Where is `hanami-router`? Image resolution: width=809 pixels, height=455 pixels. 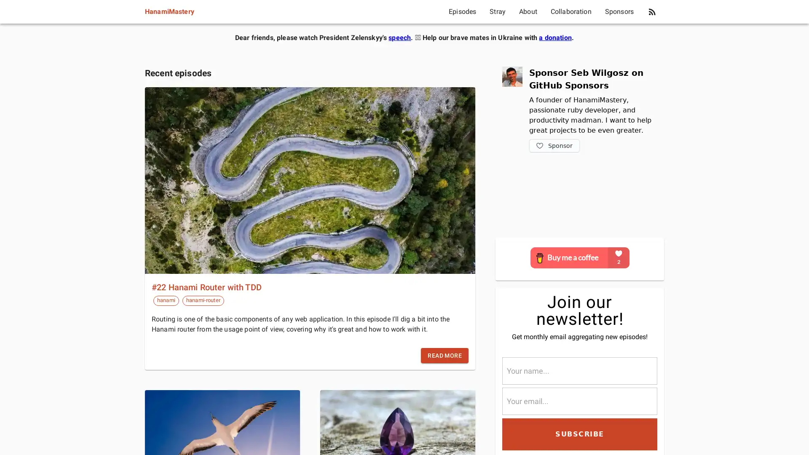 hanami-router is located at coordinates (203, 300).